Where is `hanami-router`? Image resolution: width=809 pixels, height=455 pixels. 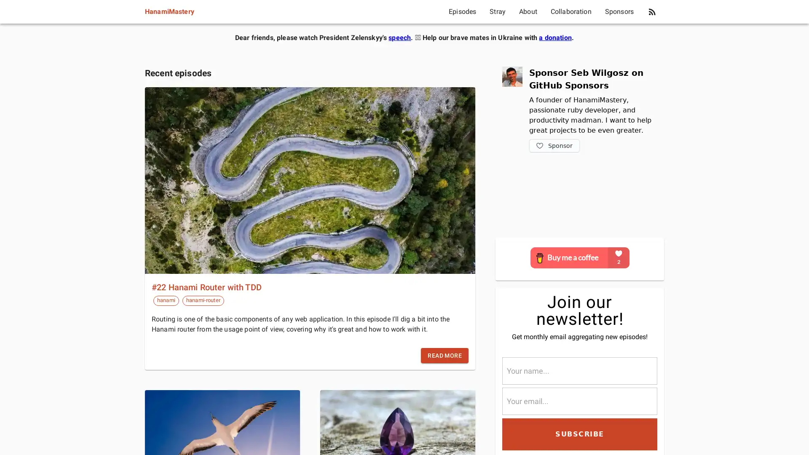 hanami-router is located at coordinates (203, 300).